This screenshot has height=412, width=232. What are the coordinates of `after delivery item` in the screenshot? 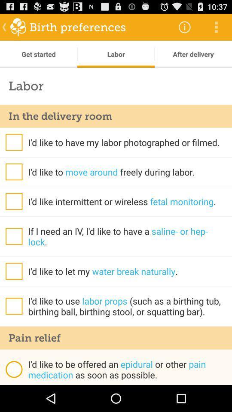 It's located at (193, 54).